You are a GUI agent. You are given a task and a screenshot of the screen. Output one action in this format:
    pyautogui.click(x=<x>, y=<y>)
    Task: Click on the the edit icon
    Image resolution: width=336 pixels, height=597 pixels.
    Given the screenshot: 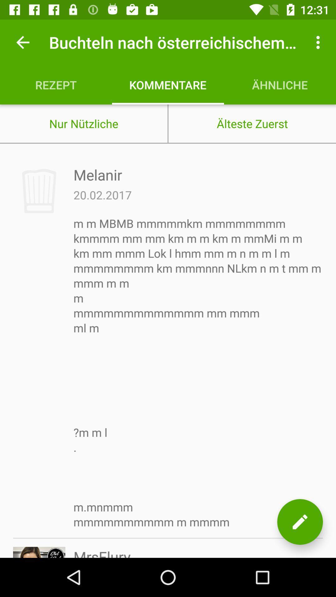 What is the action you would take?
    pyautogui.click(x=300, y=522)
    